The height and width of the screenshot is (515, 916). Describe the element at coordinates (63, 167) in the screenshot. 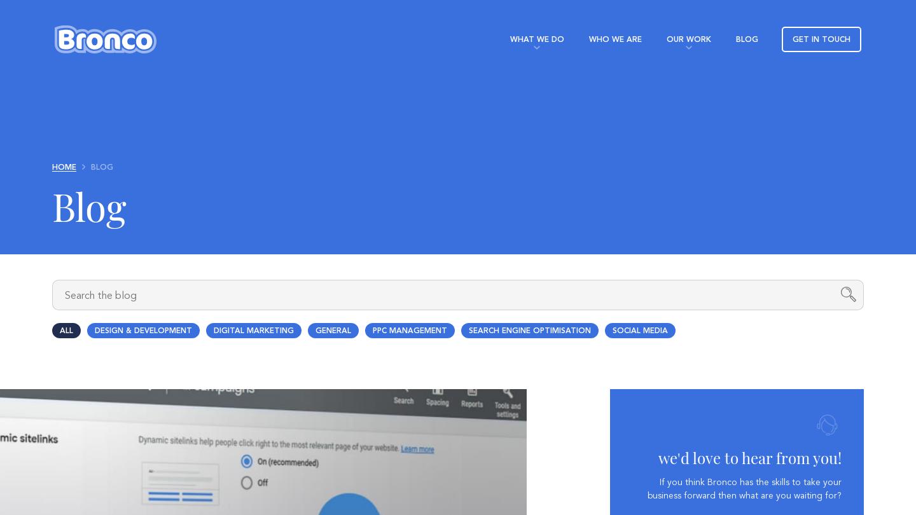

I see `'Home'` at that location.